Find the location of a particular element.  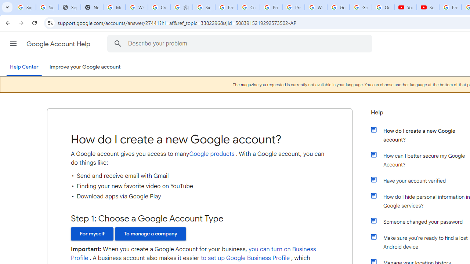

'Welcome to My Activity' is located at coordinates (316, 7).